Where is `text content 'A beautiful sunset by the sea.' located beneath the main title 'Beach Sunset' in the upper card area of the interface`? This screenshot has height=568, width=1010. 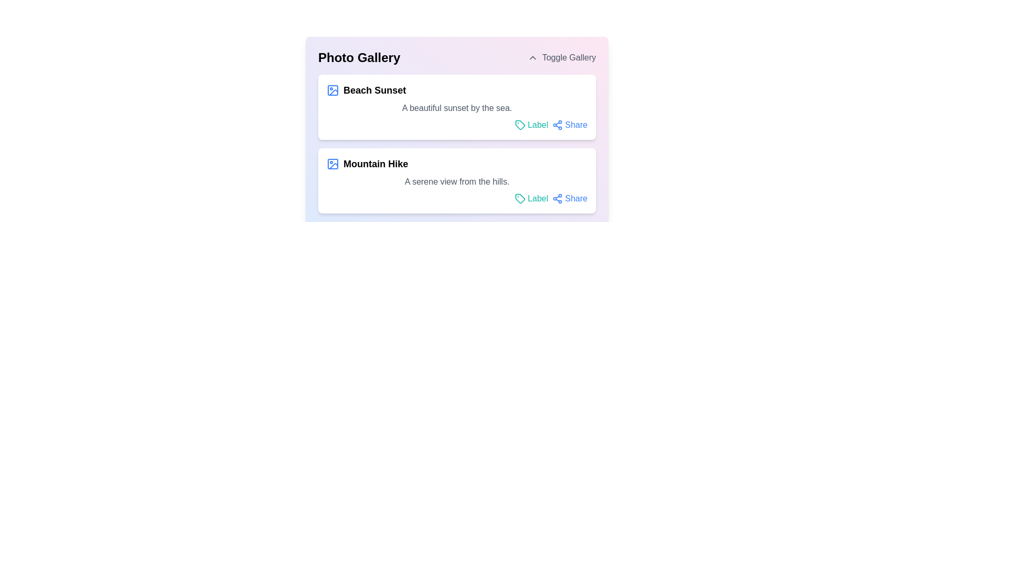
text content 'A beautiful sunset by the sea.' located beneath the main title 'Beach Sunset' in the upper card area of the interface is located at coordinates (457, 108).